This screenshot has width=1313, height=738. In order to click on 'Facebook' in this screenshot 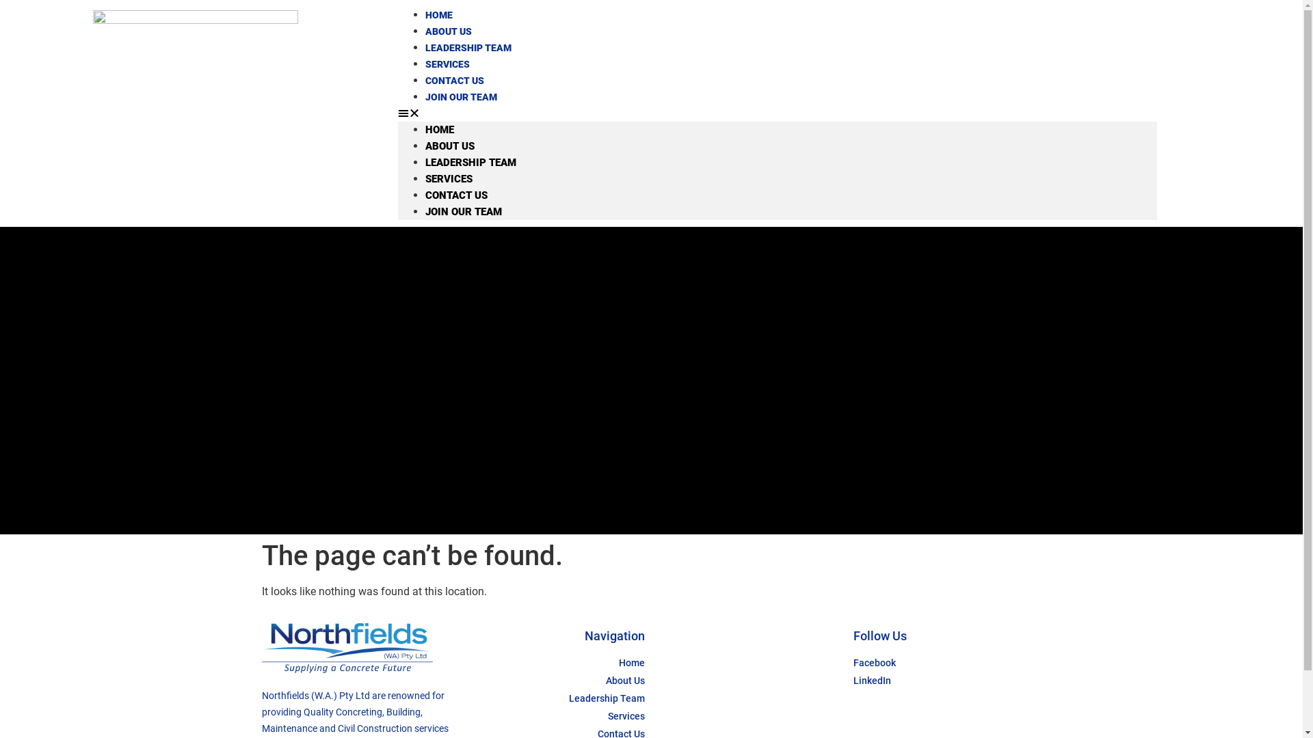, I will do `click(943, 662)`.